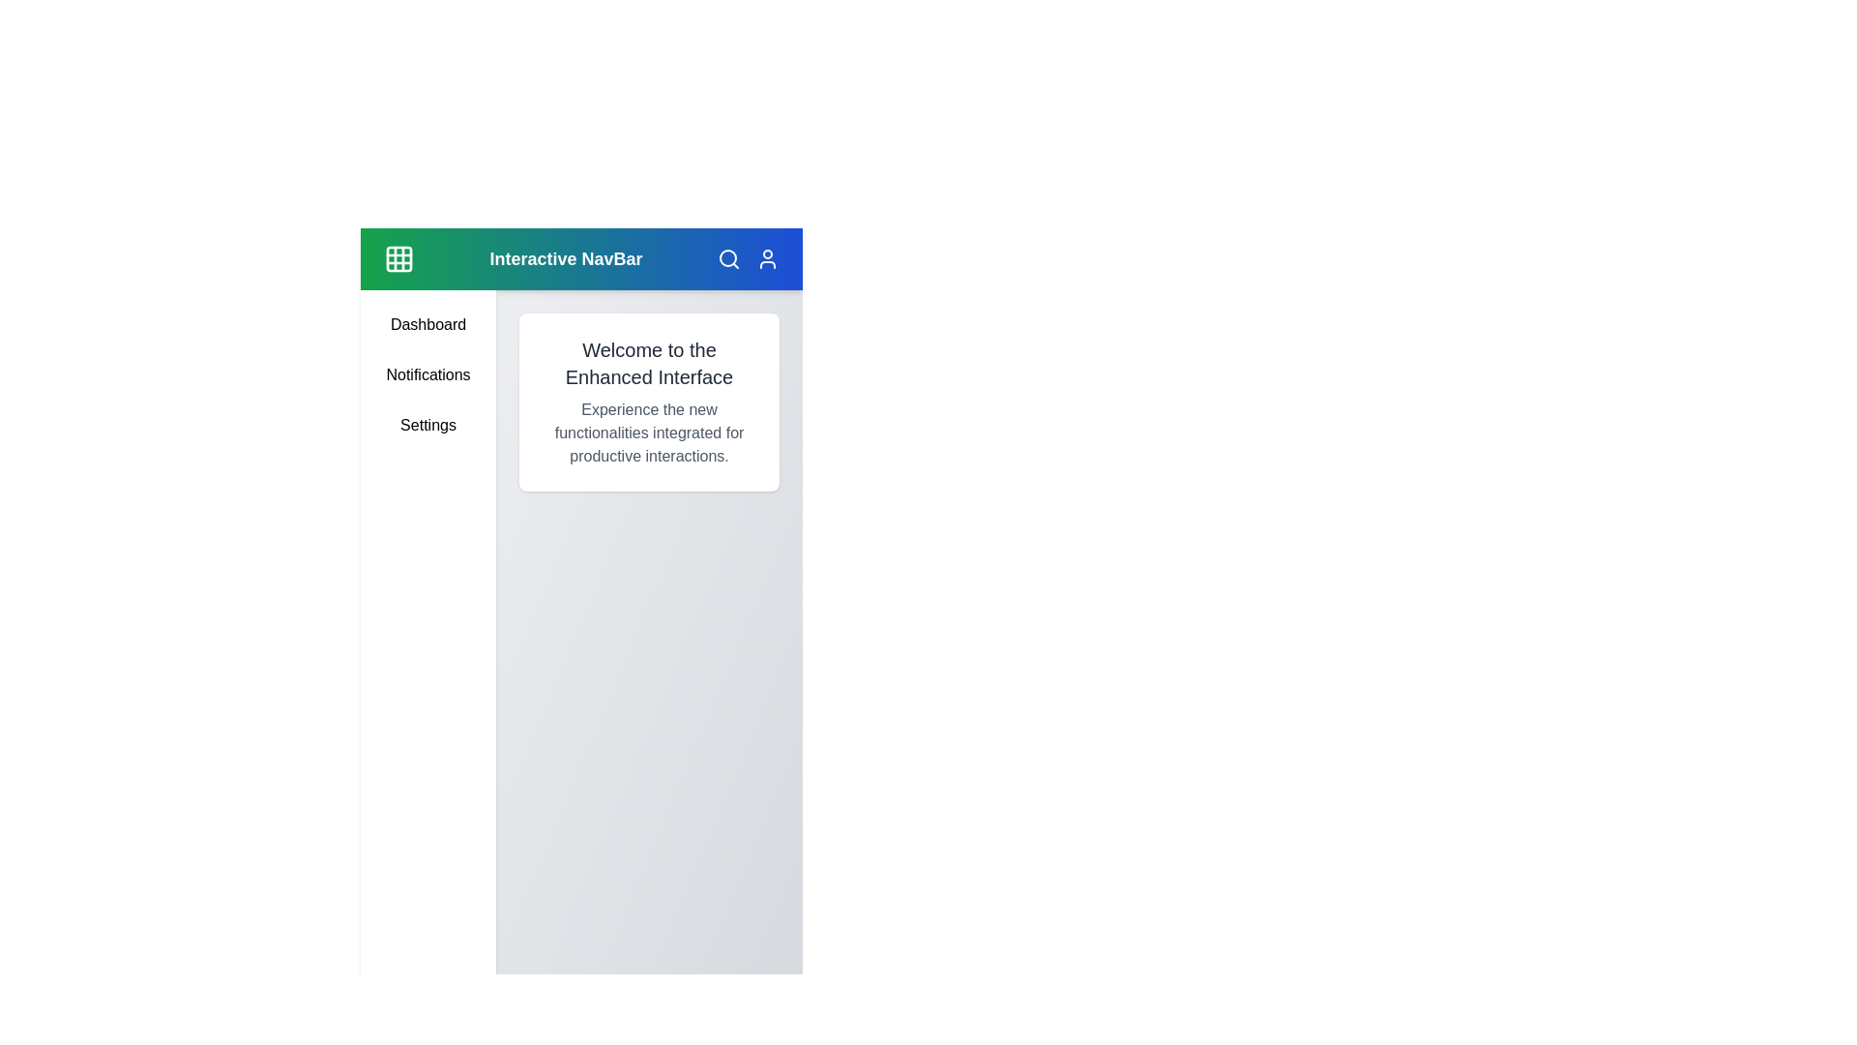 The width and height of the screenshot is (1857, 1045). What do you see at coordinates (398, 257) in the screenshot?
I see `the grid icon to toggle the sidebar visibility` at bounding box center [398, 257].